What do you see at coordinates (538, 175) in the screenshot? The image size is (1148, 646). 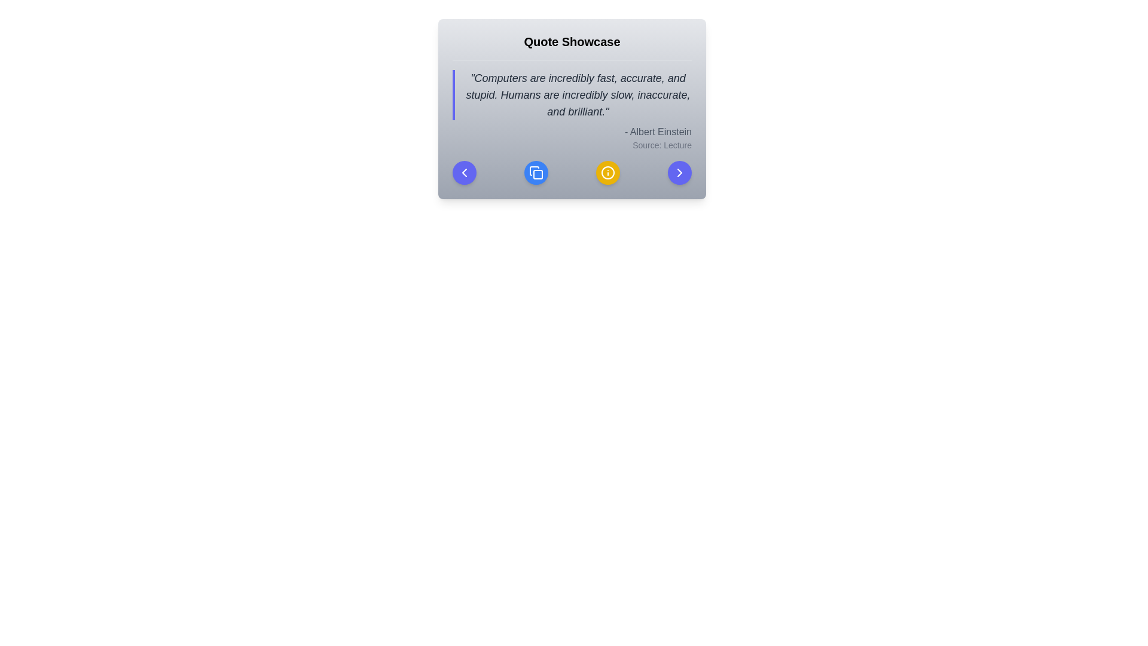 I see `the decorative SVG graphical element that visually represents a copy action, located in the lower center of the interface` at bounding box center [538, 175].